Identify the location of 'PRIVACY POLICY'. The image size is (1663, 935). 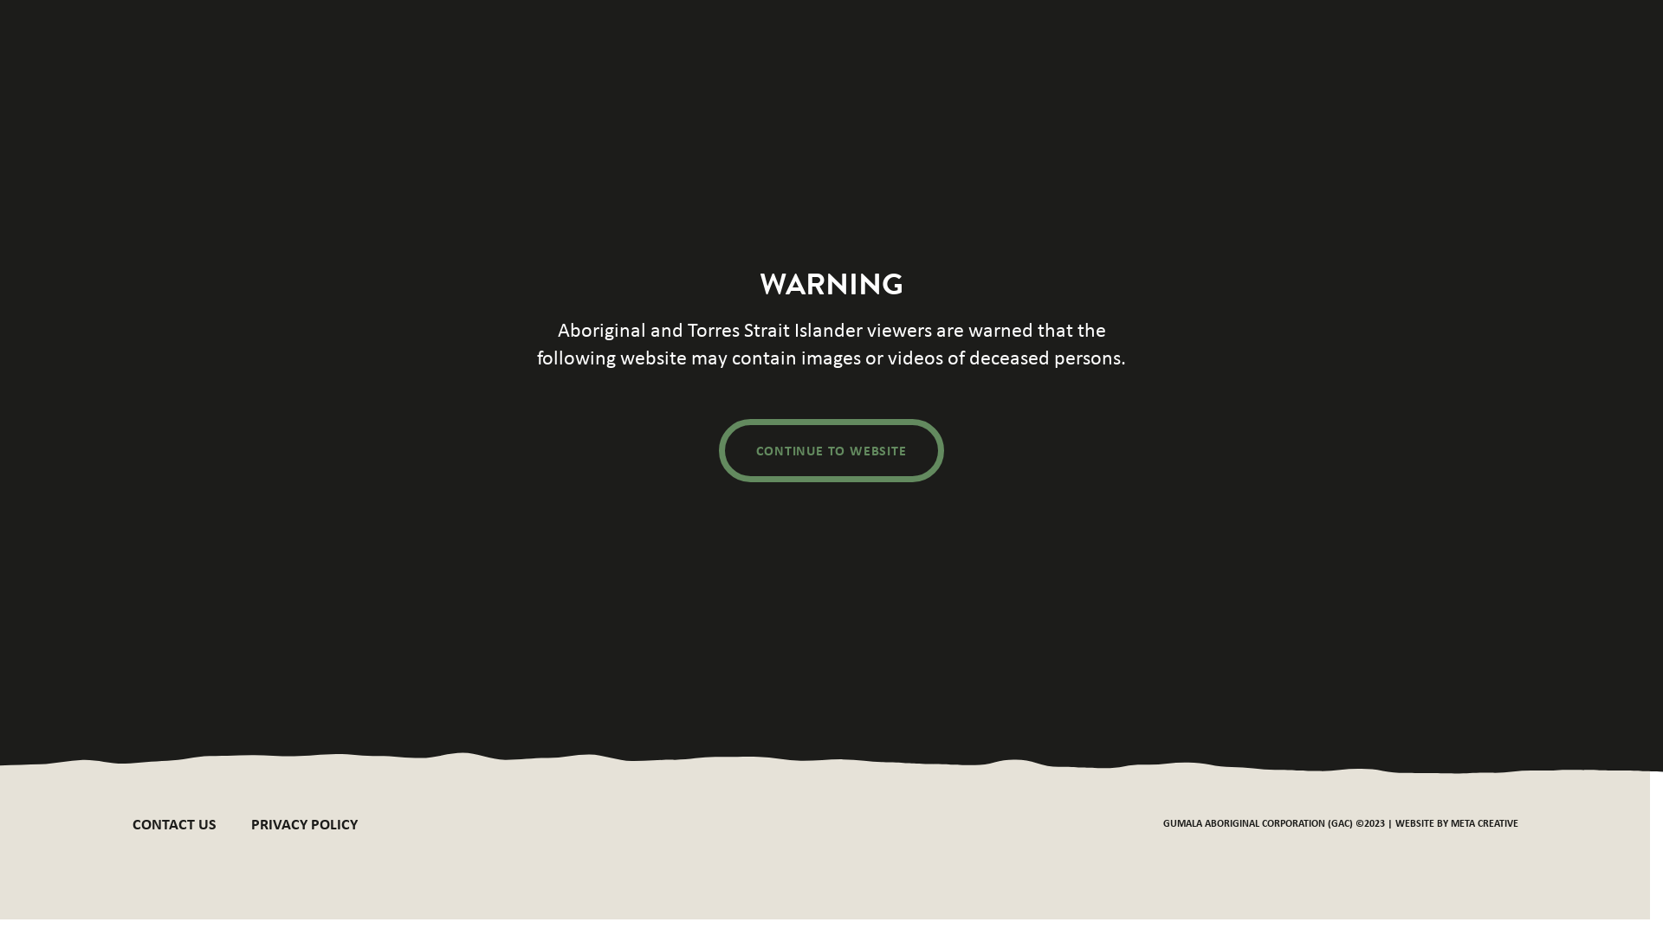
(304, 823).